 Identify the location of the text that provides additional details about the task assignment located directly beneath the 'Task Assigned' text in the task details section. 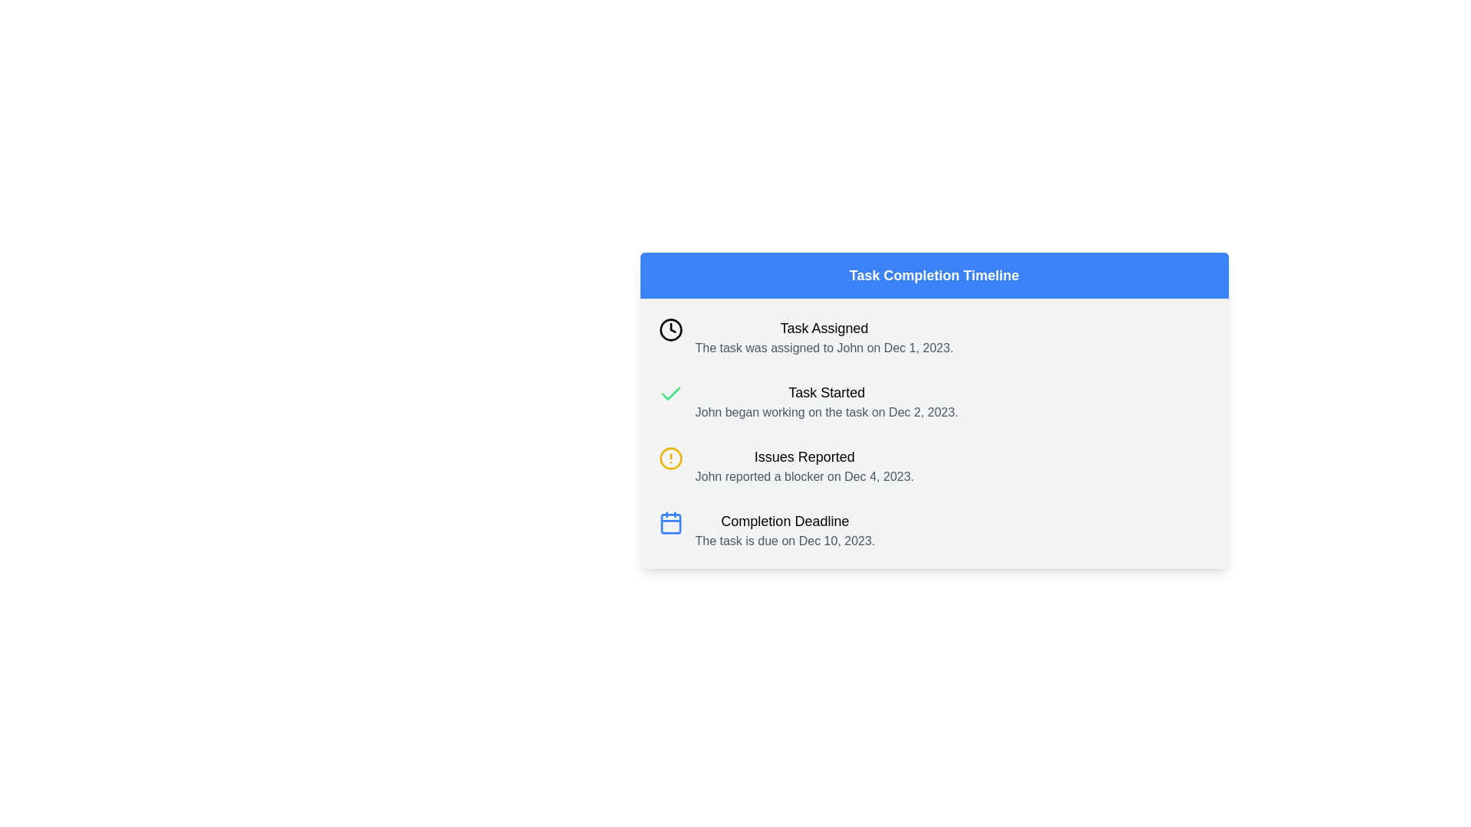
(823, 348).